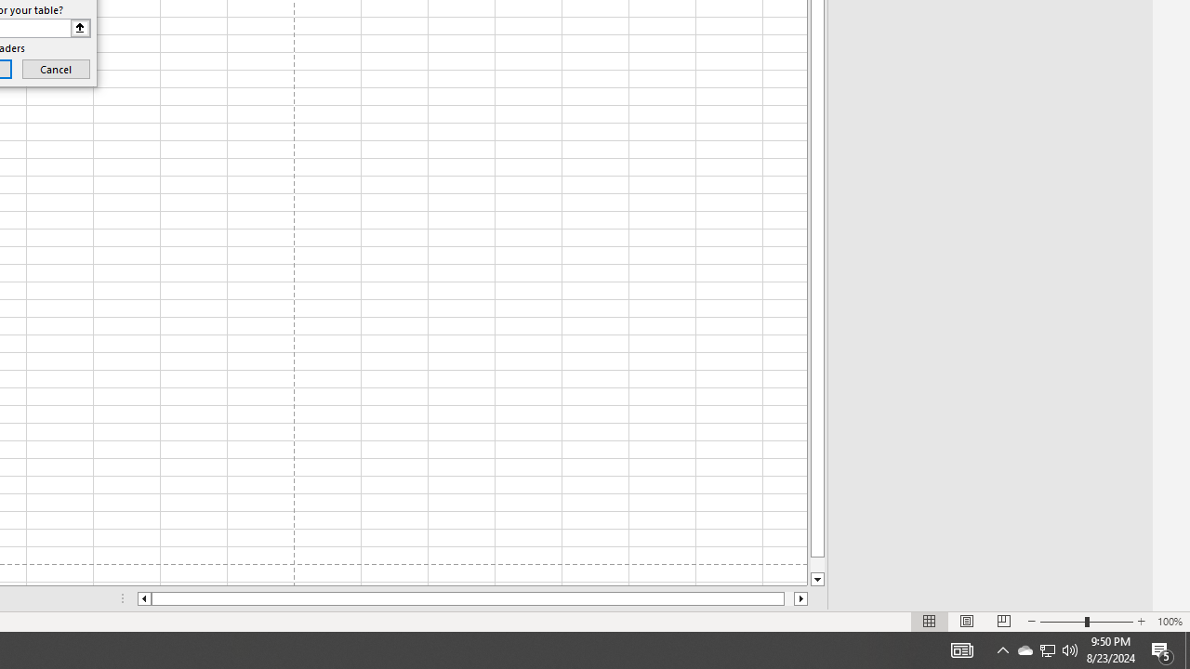 The height and width of the screenshot is (669, 1190). What do you see at coordinates (967, 622) in the screenshot?
I see `'Page Layout'` at bounding box center [967, 622].